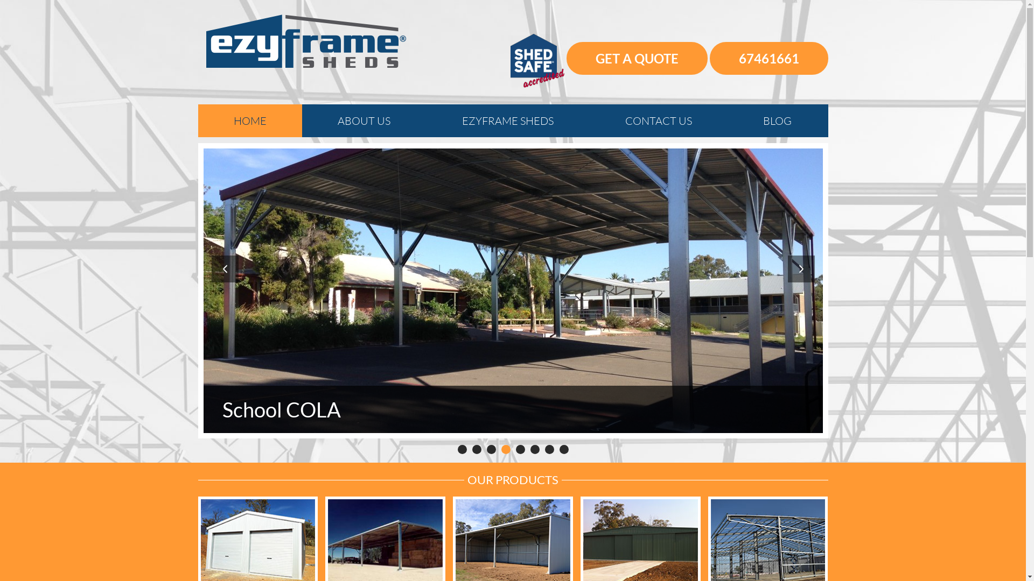 The image size is (1034, 581). I want to click on 'Next', so click(801, 268).